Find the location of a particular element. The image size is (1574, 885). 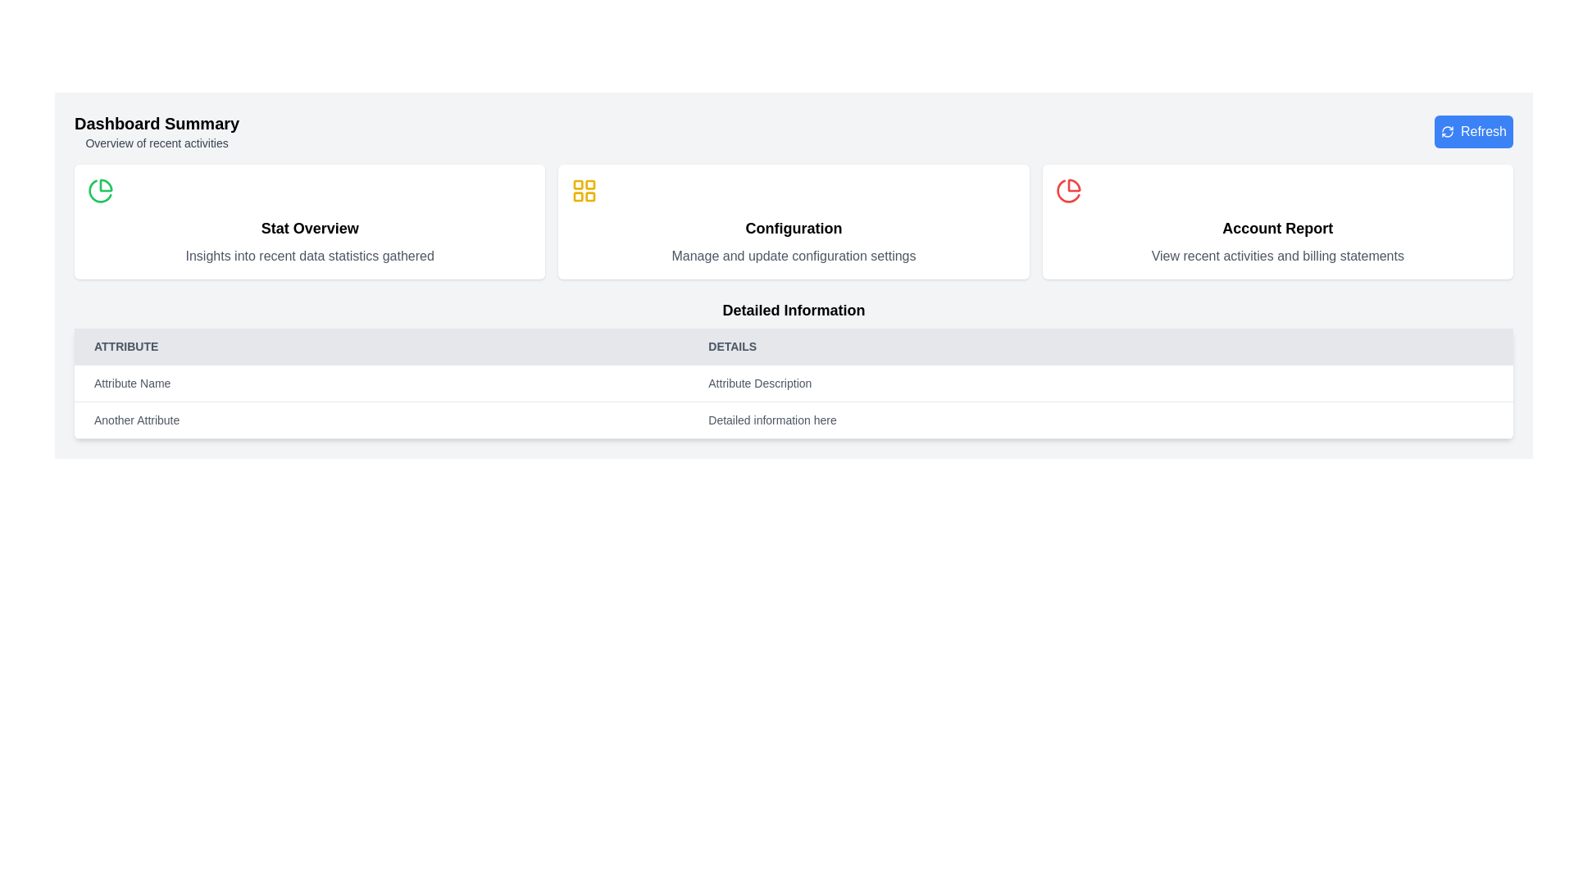

the Information card which contains a green circular pie chart icon, bold text 'Stat Overview', and subtitle 'Insights into recent data statistics gathered'. It is the leftmost element in a grid of three cards is located at coordinates (310, 221).